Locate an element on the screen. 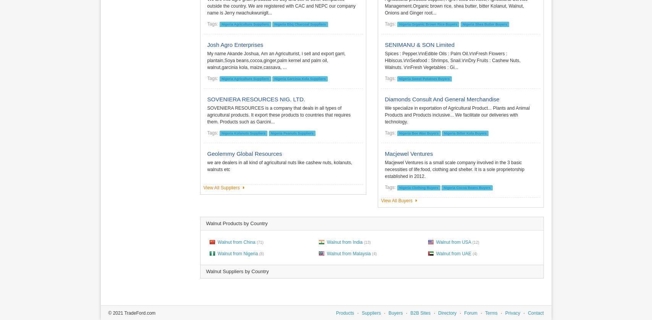 The height and width of the screenshot is (320, 652). 'Nigeria Clothing Buyers' is located at coordinates (418, 187).